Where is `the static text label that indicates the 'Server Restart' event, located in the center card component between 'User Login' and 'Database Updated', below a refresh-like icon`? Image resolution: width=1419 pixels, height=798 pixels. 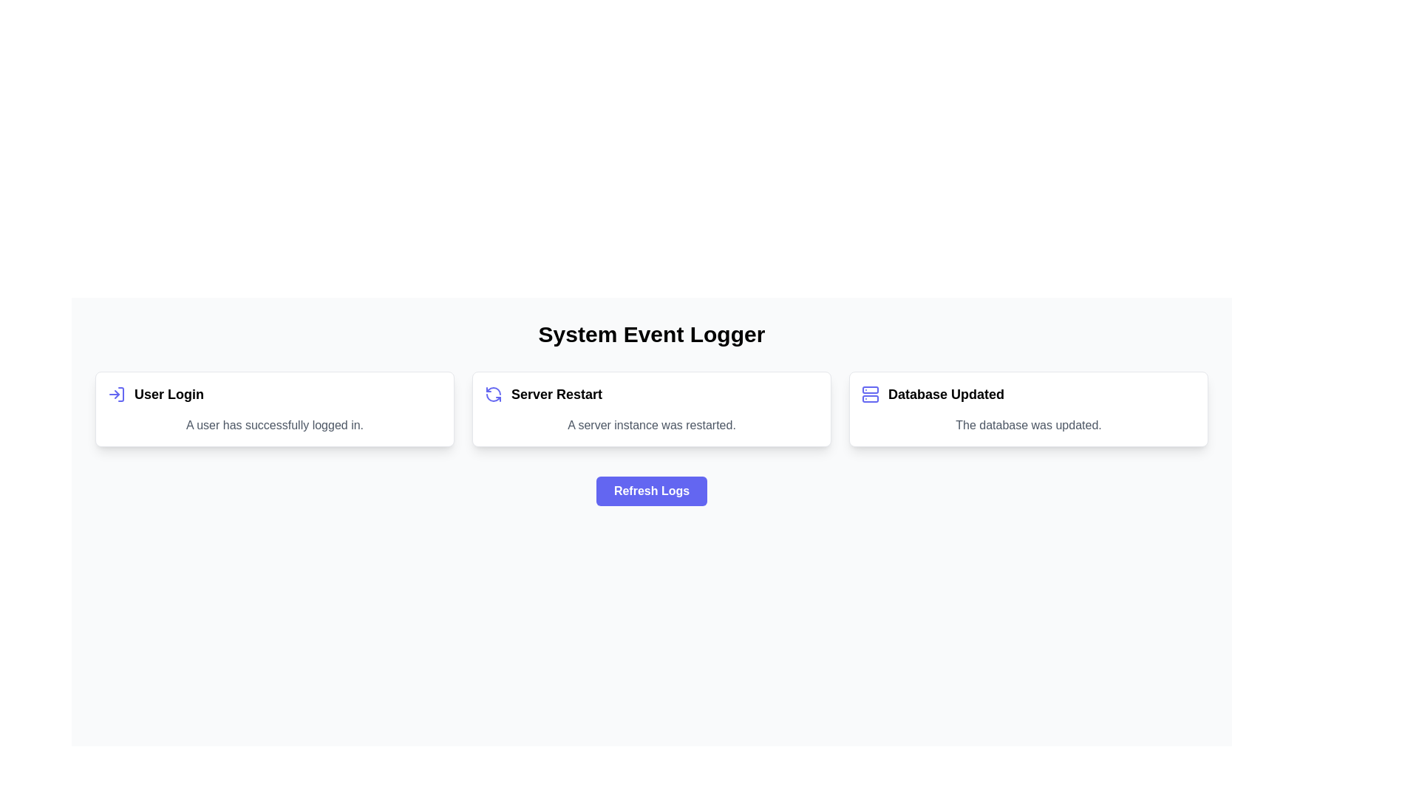 the static text label that indicates the 'Server Restart' event, located in the center card component between 'User Login' and 'Database Updated', below a refresh-like icon is located at coordinates (556, 393).